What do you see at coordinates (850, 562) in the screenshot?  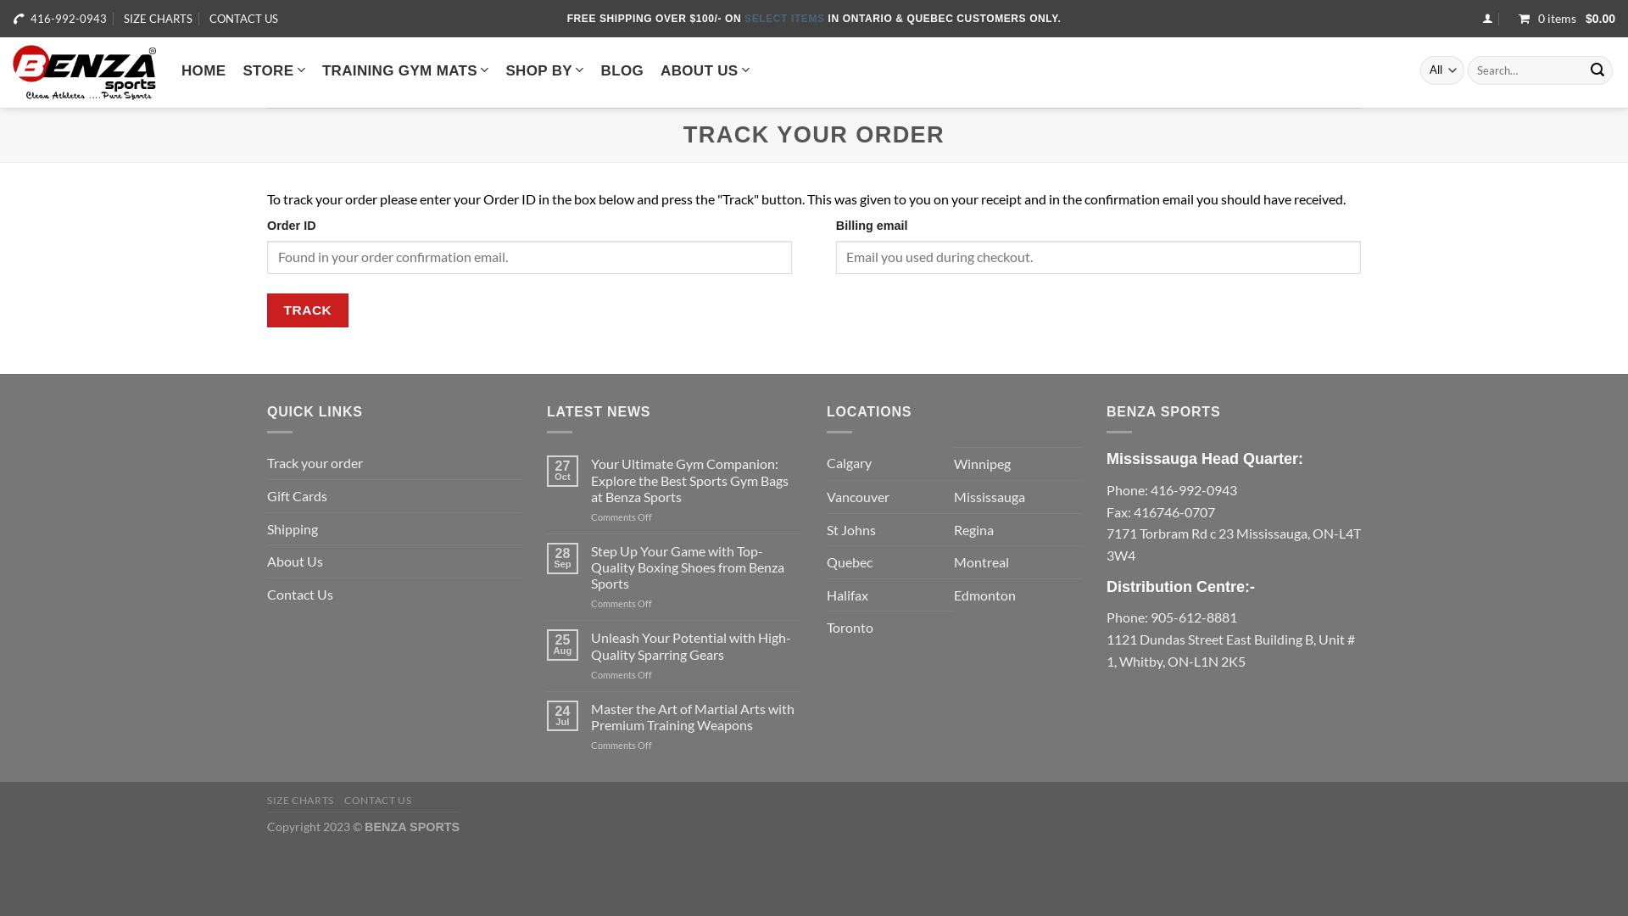 I see `'Quebec'` at bounding box center [850, 562].